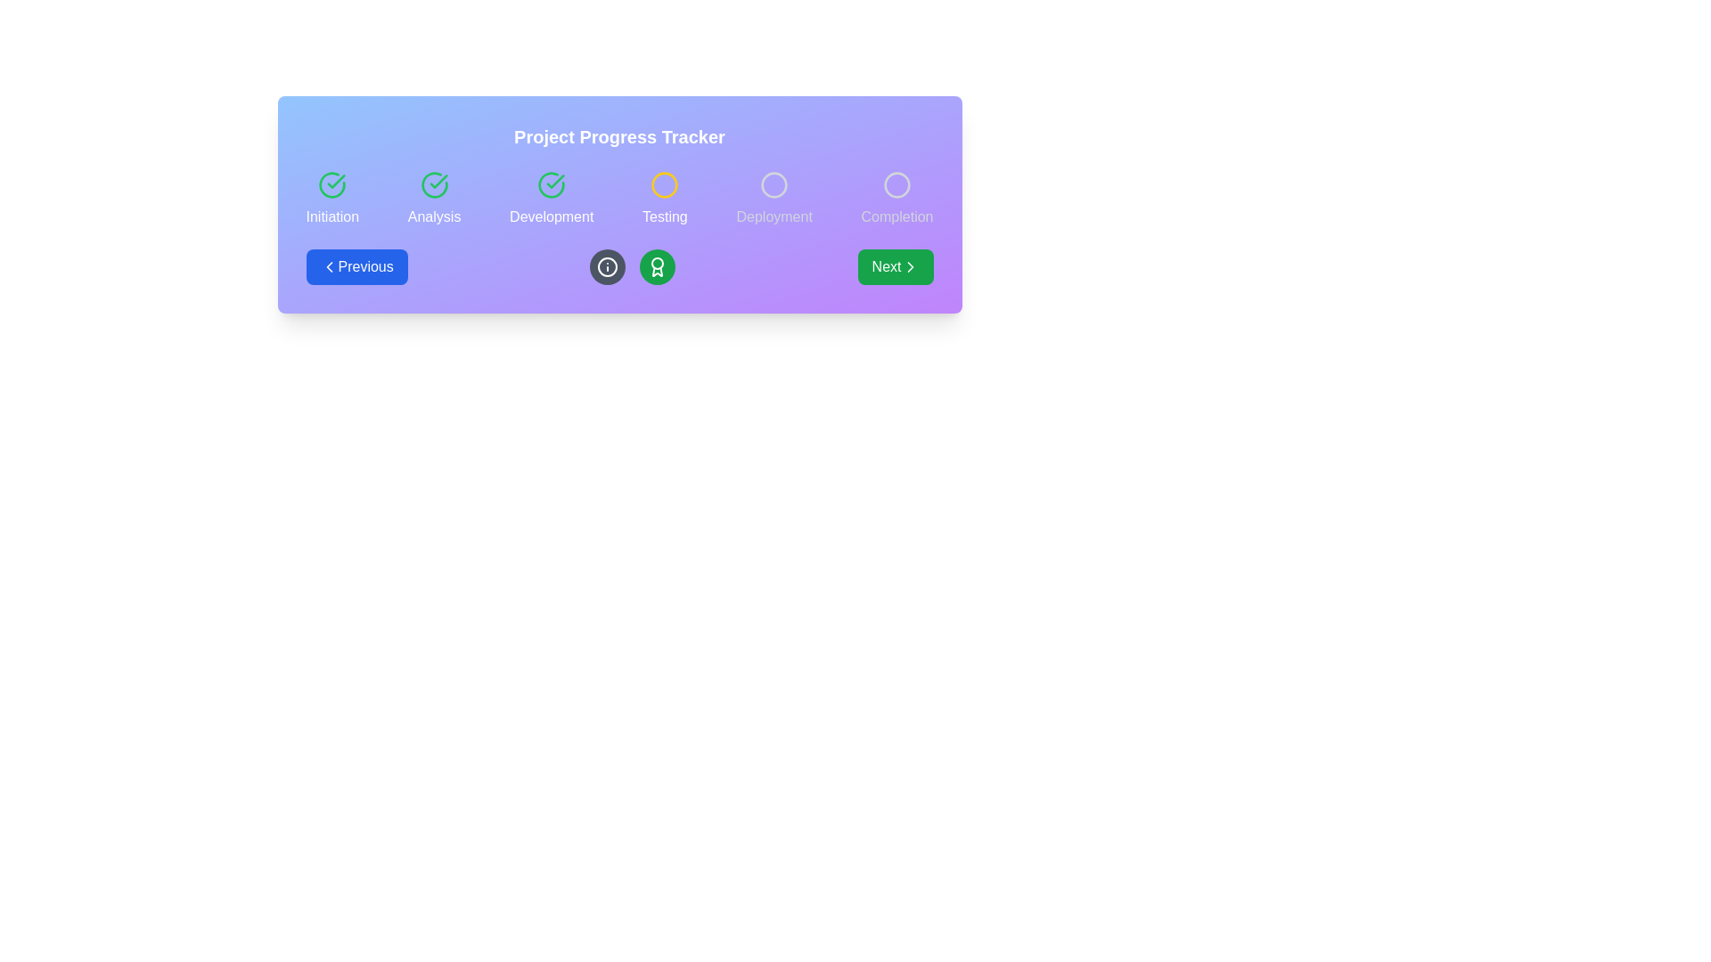  I want to click on the right-pointing chevron SVG icon located within the 'Next' button on the navigation bar, so click(910, 267).